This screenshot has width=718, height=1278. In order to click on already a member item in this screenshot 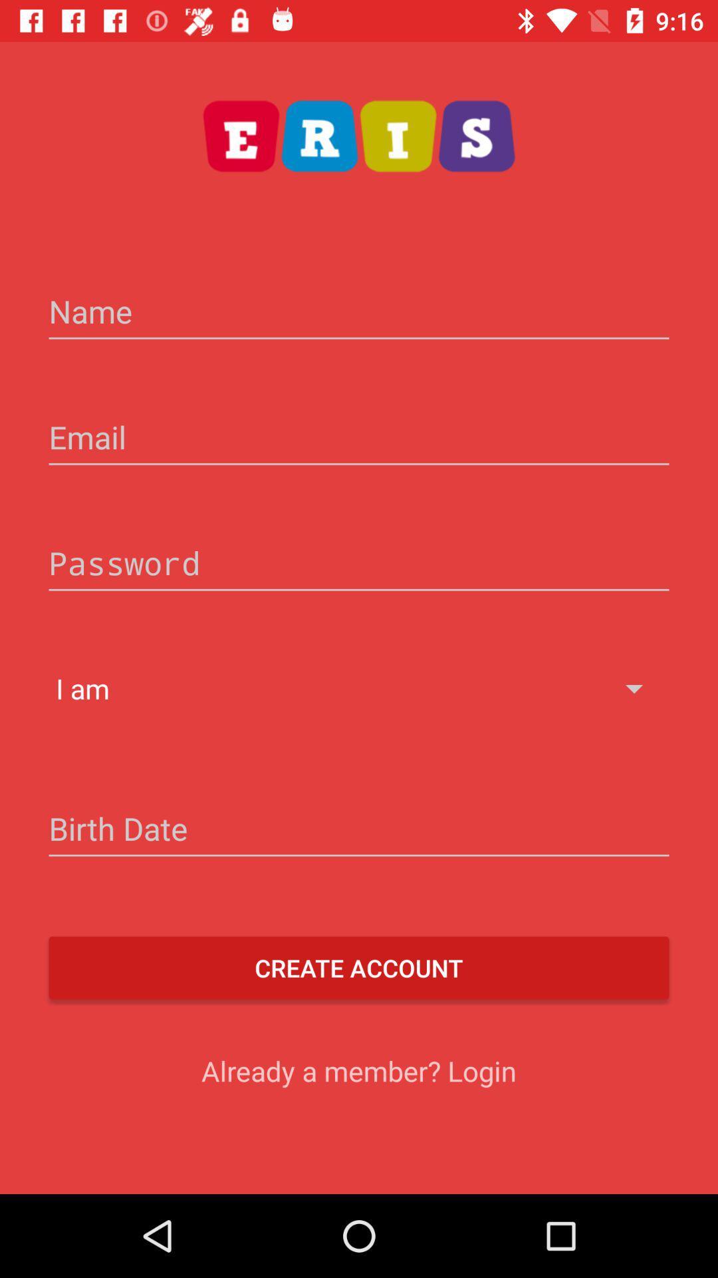, I will do `click(359, 1070)`.